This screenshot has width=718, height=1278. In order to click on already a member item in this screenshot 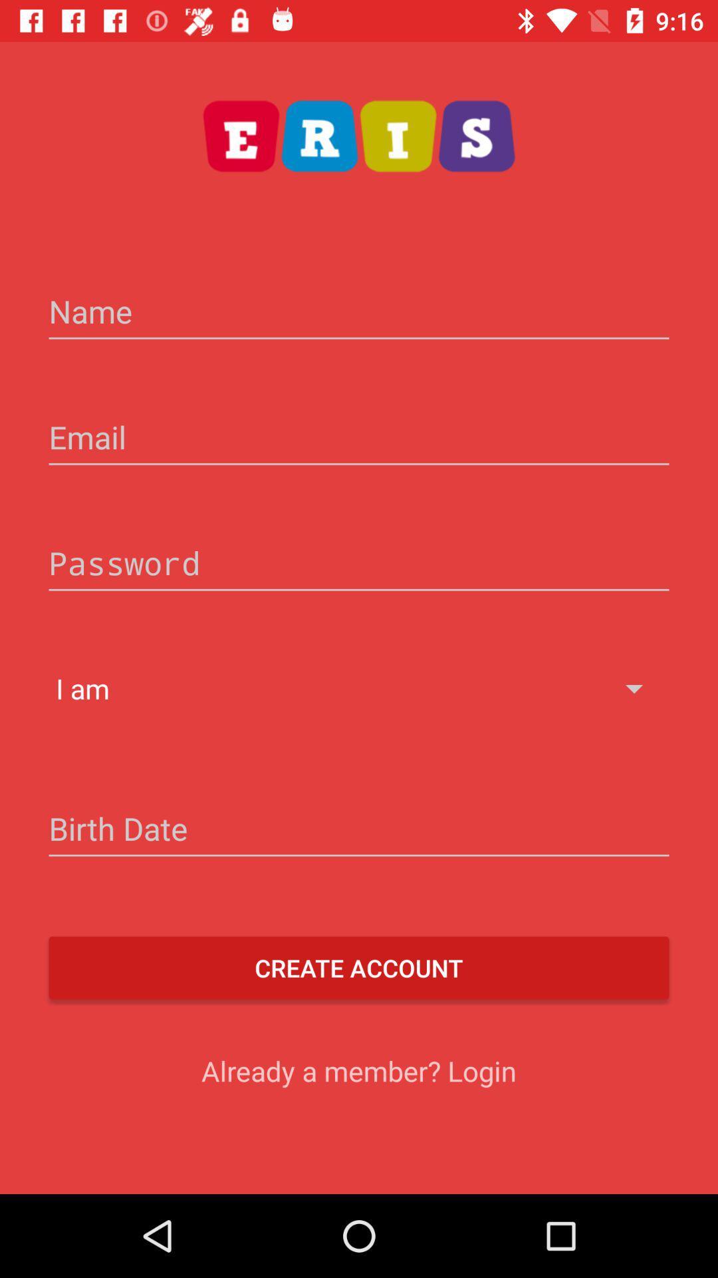, I will do `click(359, 1070)`.